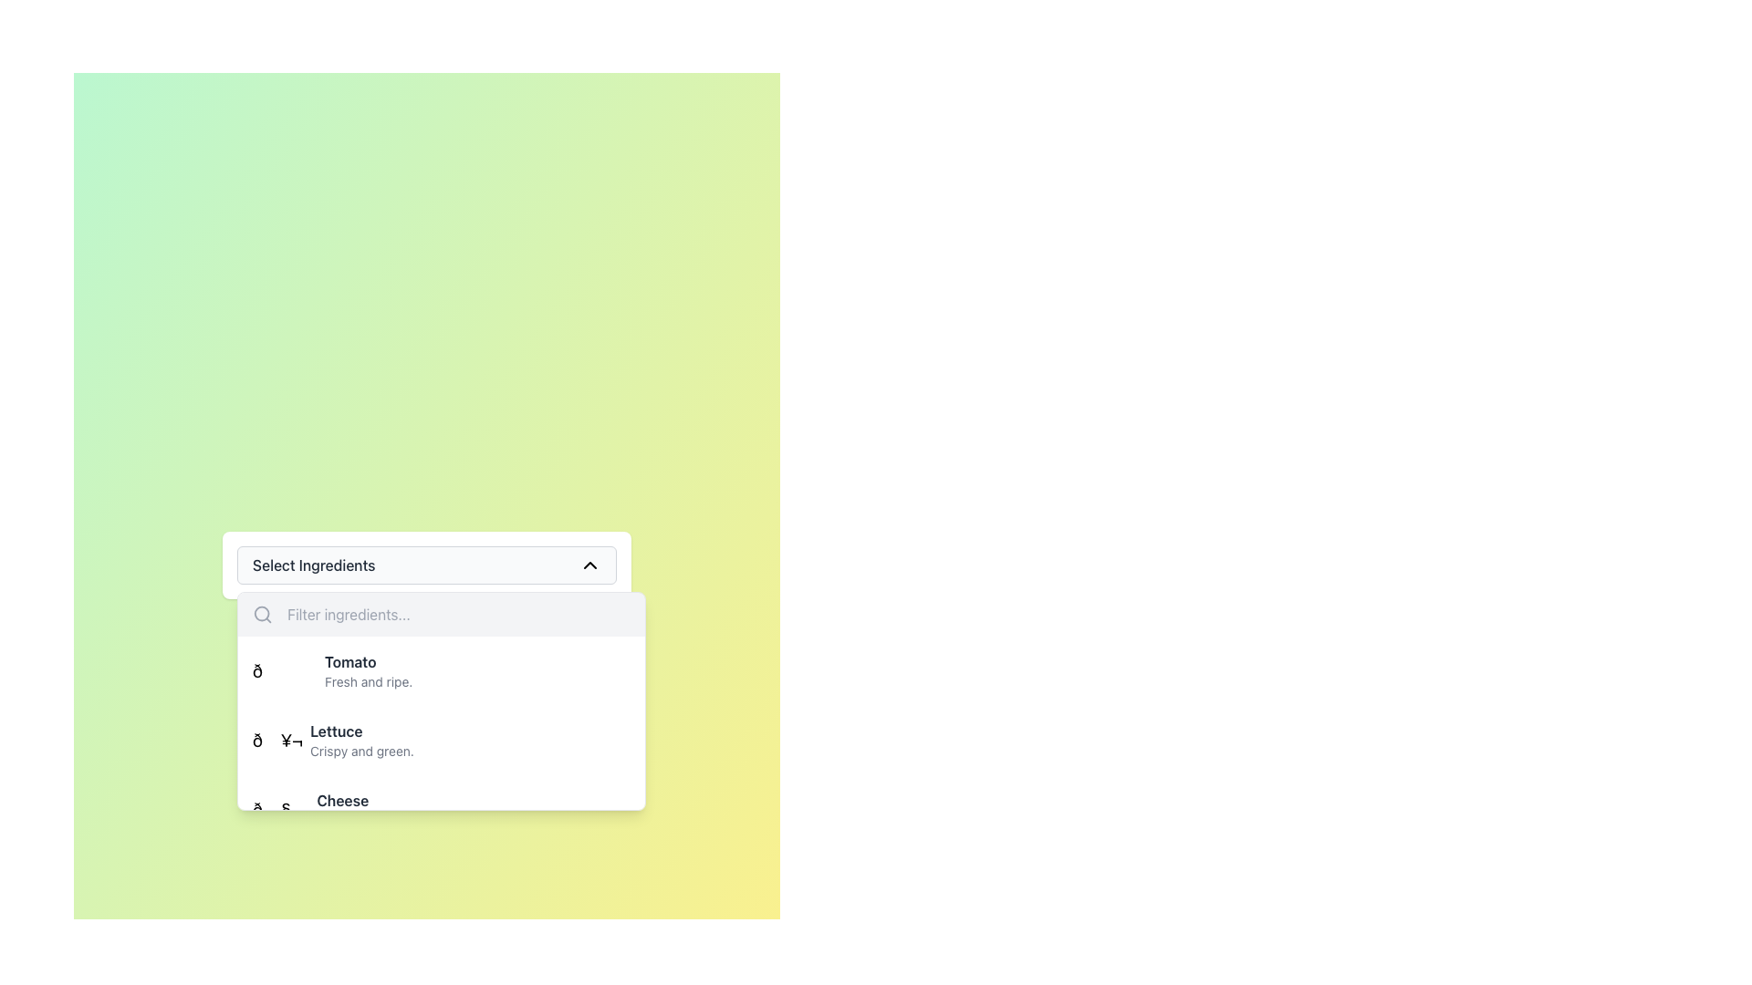 This screenshot has width=1752, height=985. I want to click on the tomato emoji icon located at the leftmost side of the row containing the text 'Tomato' and 'Fresh and ripe' in the dropdown list under 'Filter ingredients...', so click(284, 671).